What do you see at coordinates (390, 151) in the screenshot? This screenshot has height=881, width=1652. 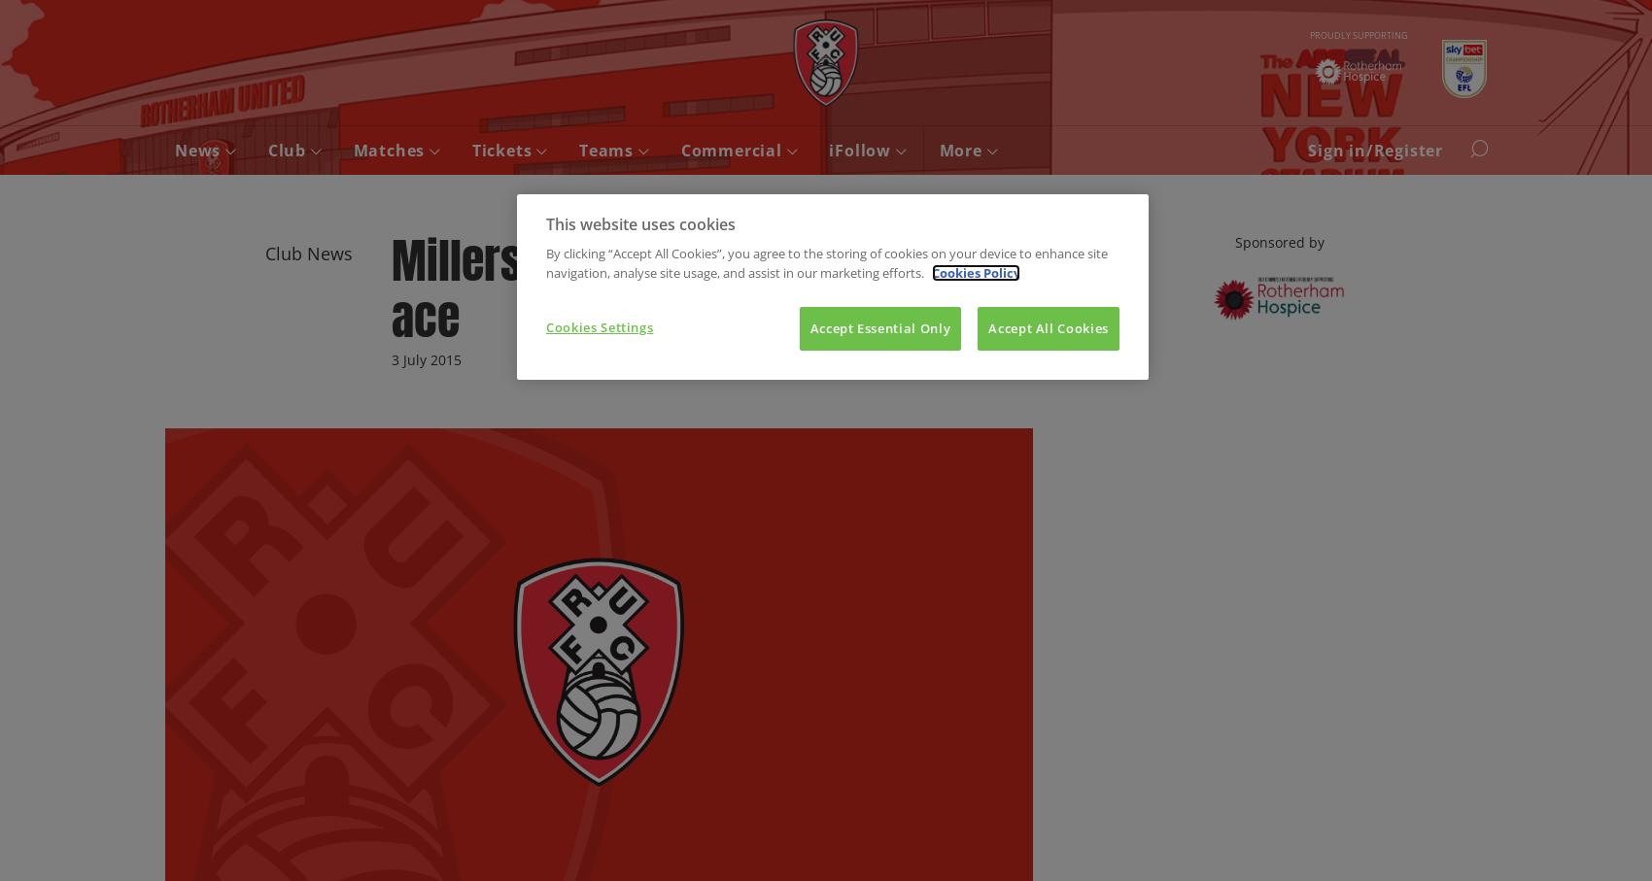 I see `'Matches'` at bounding box center [390, 151].